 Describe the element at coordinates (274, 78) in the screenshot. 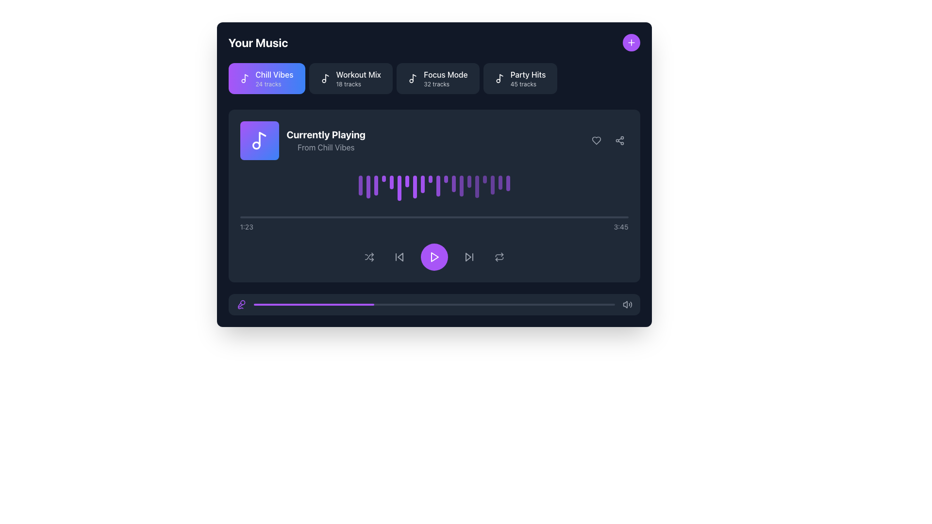

I see `the 'Chill Vibes' text block within the purple gradient card` at that location.